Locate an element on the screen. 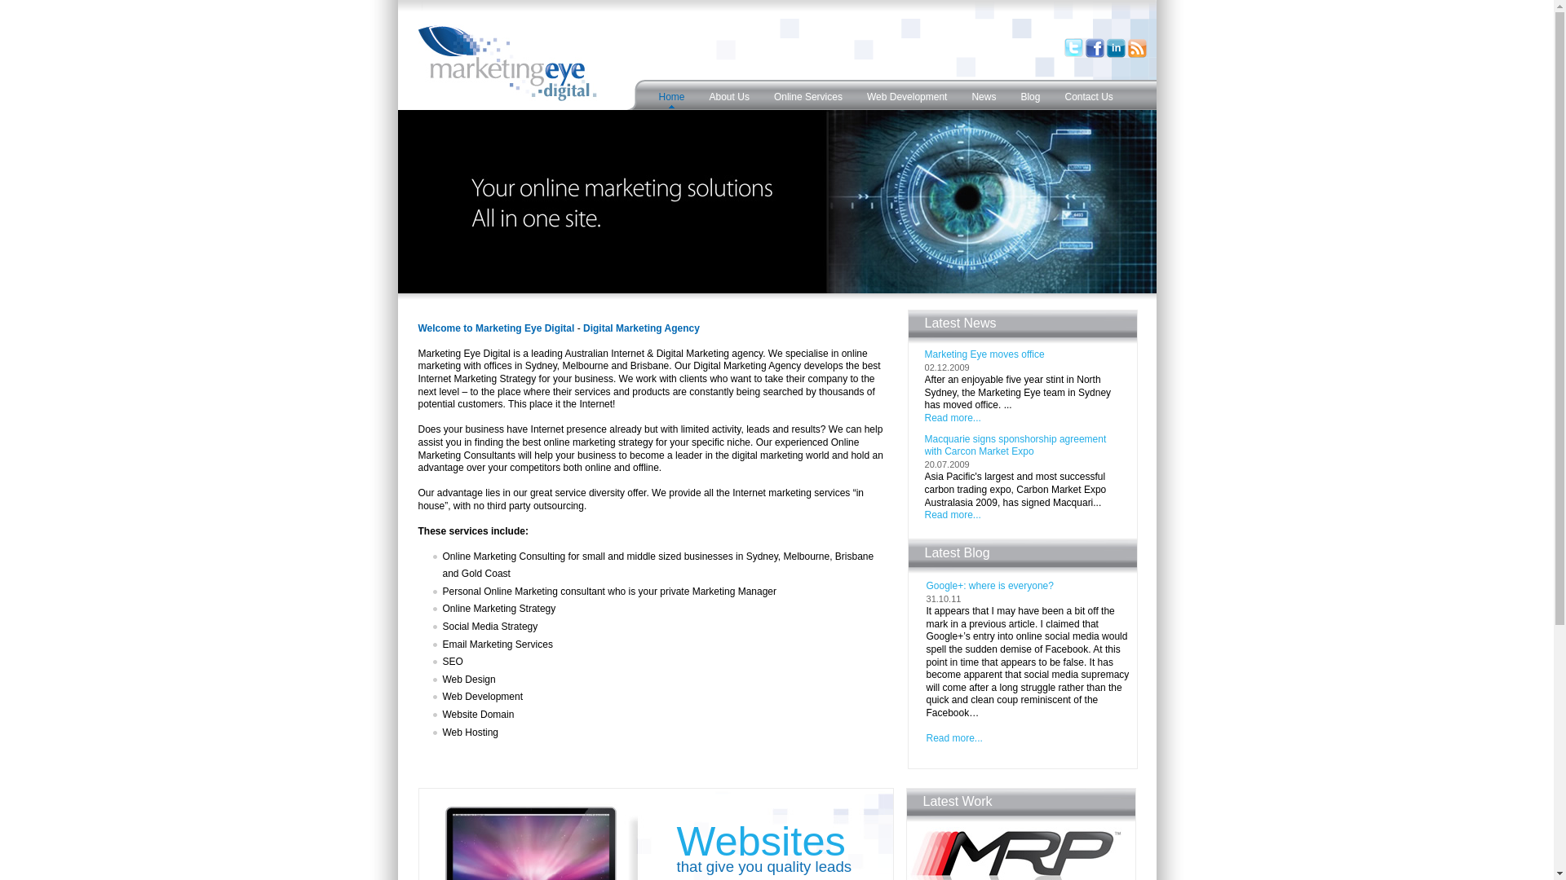 This screenshot has height=880, width=1566. 'Follow us on Twitter' is located at coordinates (1073, 55).